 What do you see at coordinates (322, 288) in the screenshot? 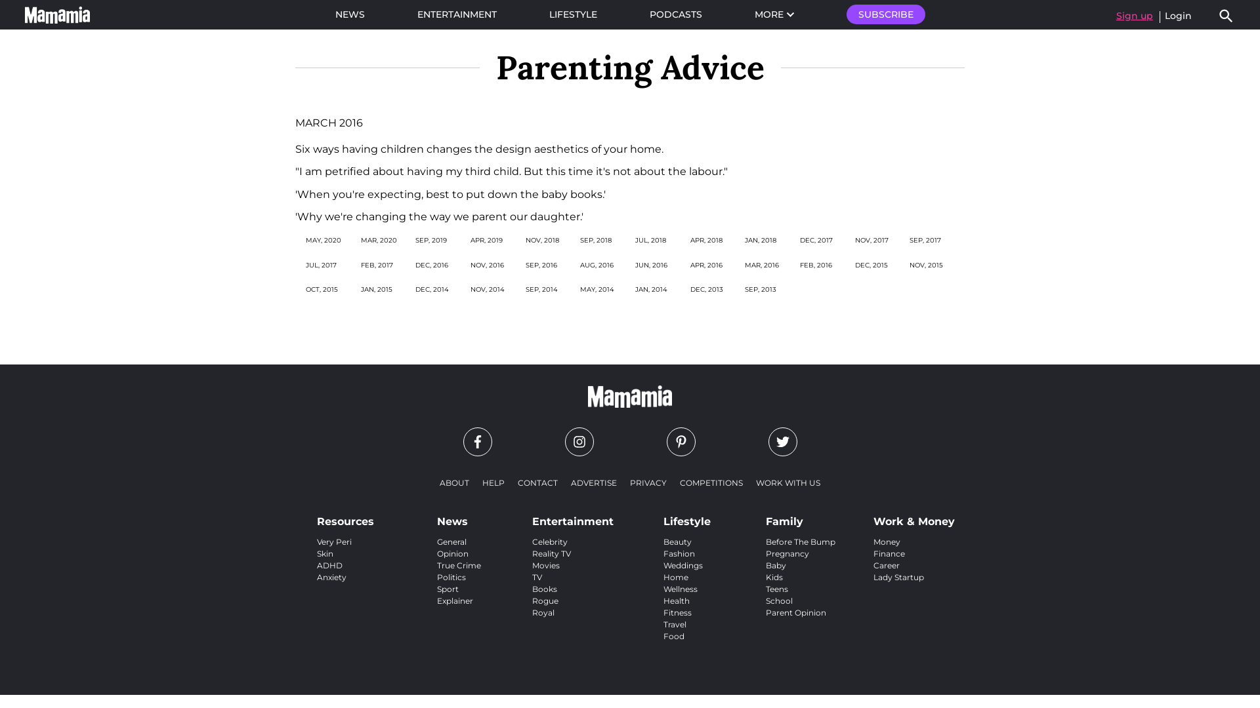
I see `'OCT, 2015'` at bounding box center [322, 288].